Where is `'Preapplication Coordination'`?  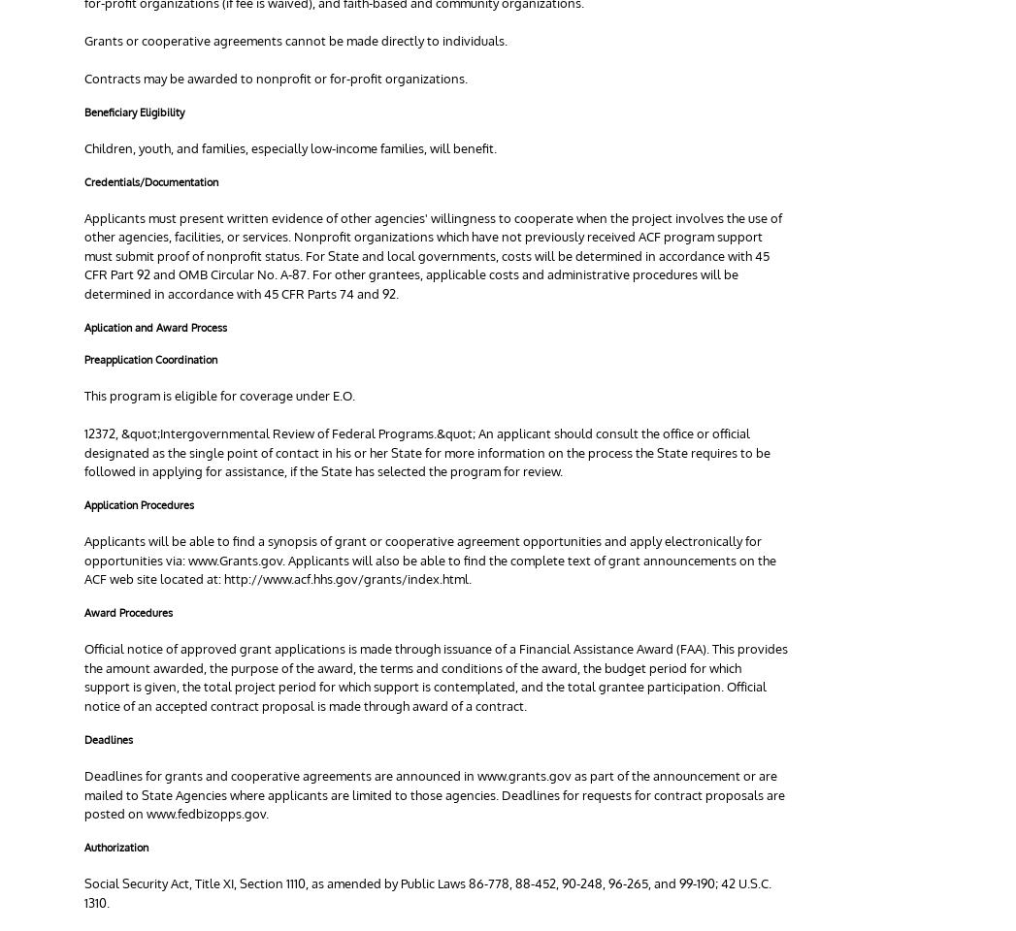
'Preapplication Coordination' is located at coordinates (150, 359).